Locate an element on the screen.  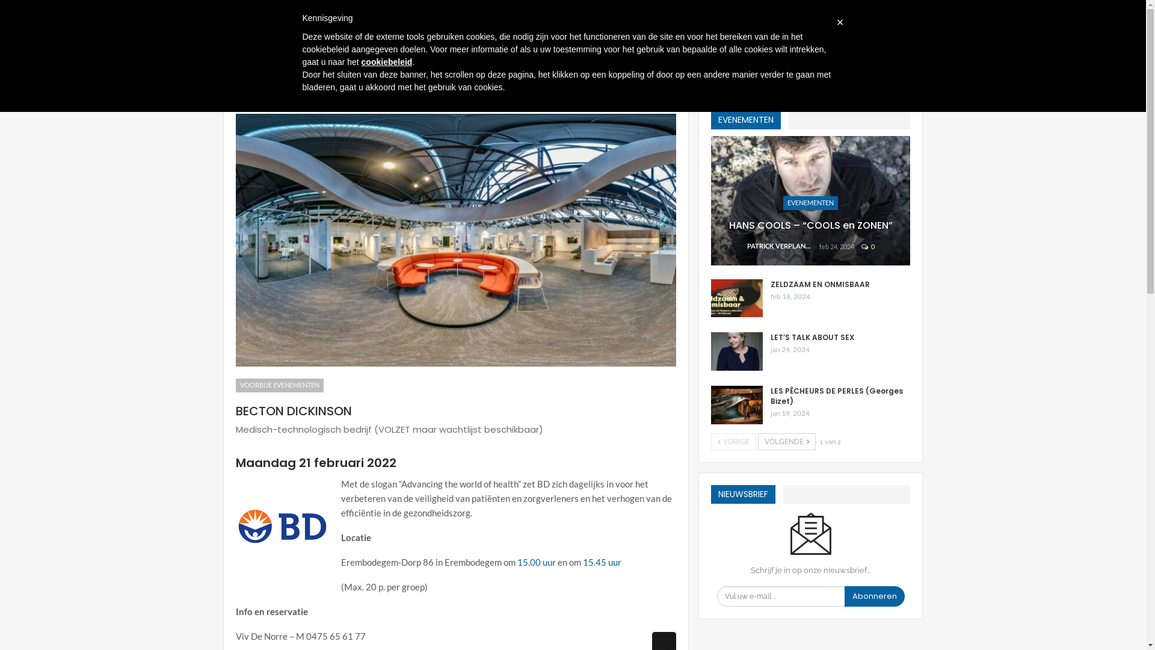
'PATRICK VERPLANKEN' is located at coordinates (783, 246).